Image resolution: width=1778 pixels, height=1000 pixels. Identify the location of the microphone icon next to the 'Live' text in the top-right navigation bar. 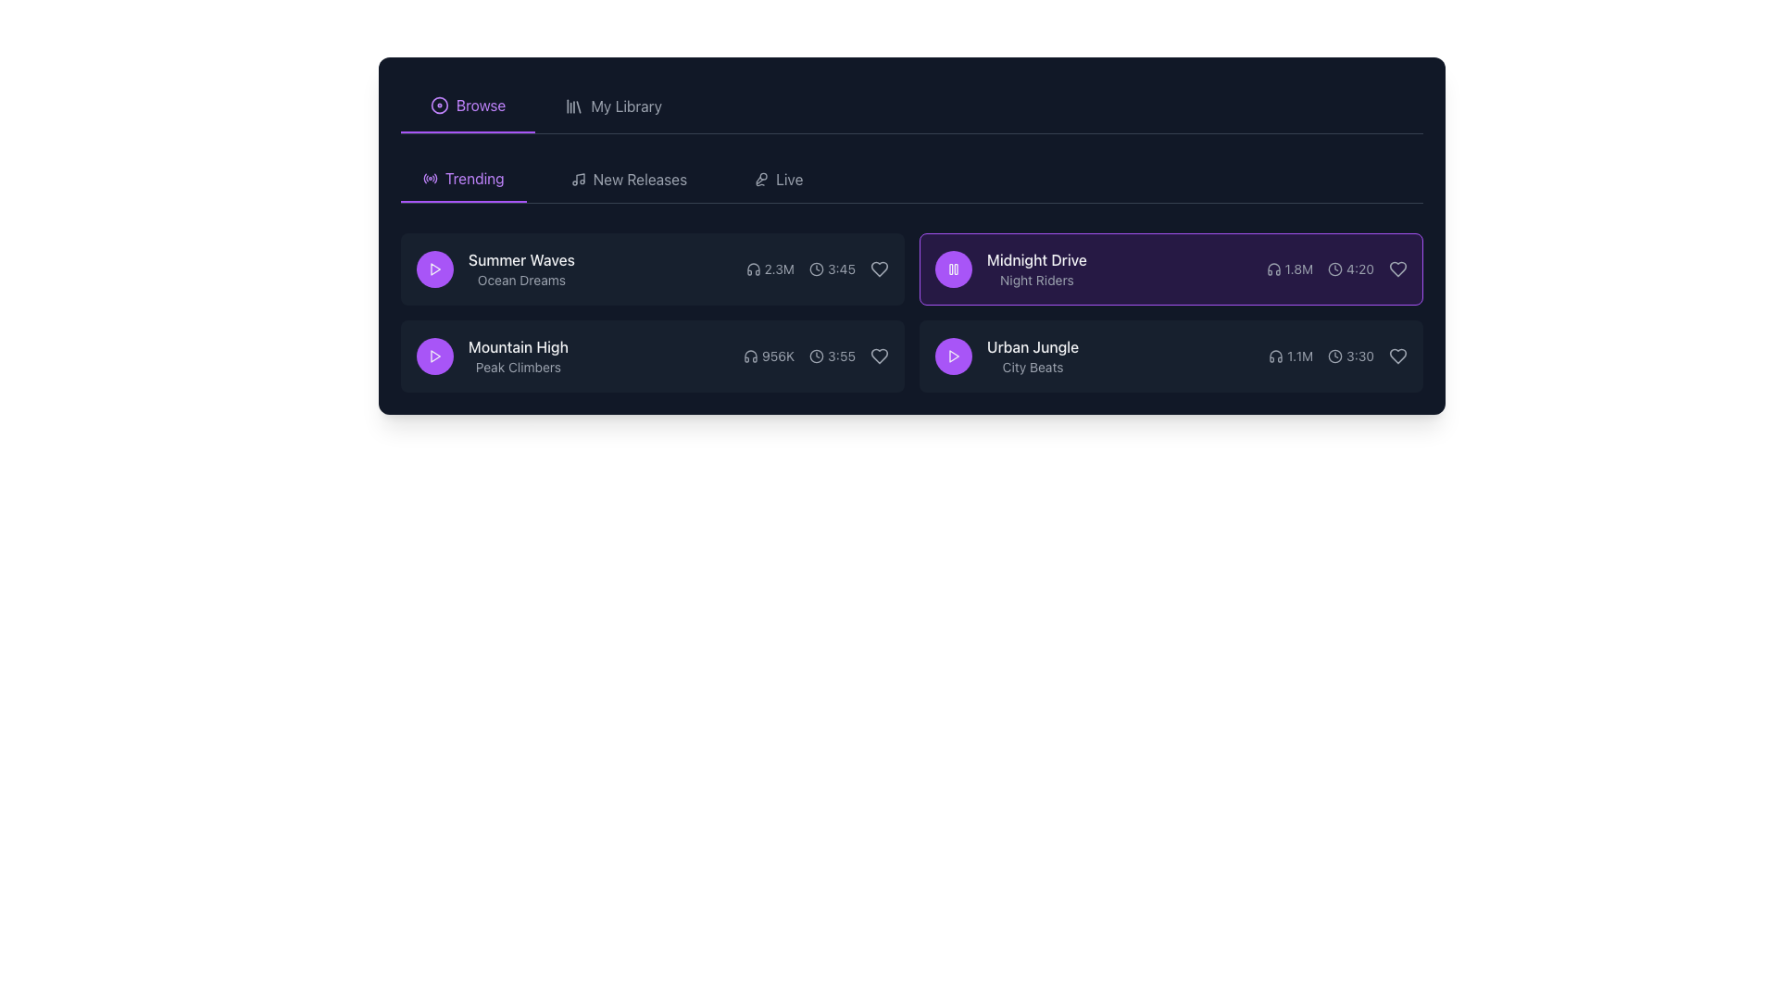
(760, 179).